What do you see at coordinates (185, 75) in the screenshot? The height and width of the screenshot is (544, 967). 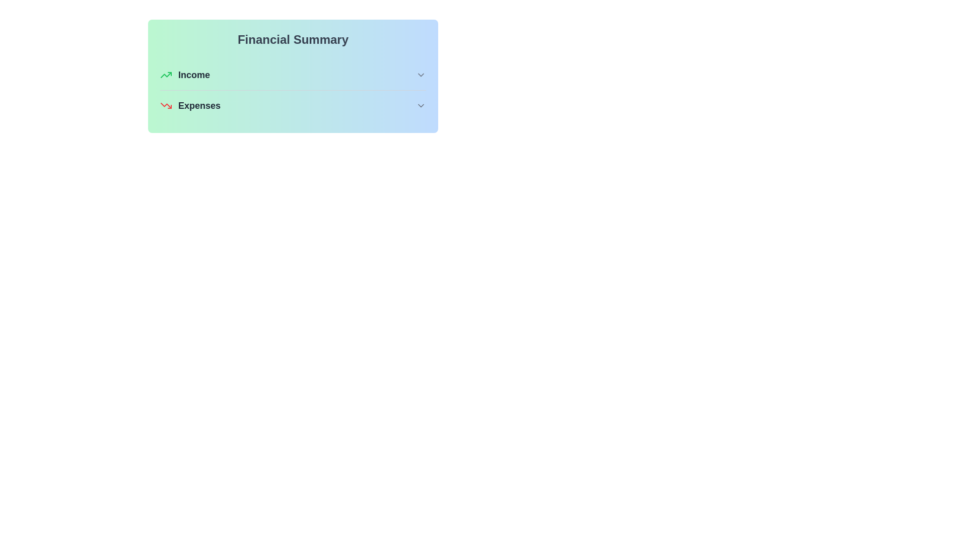 I see `the 'Income' text label which is bold and gray, accompanied by a green upward-trending arrow icon, located in the top-left section of the Financial Summary UI` at bounding box center [185, 75].